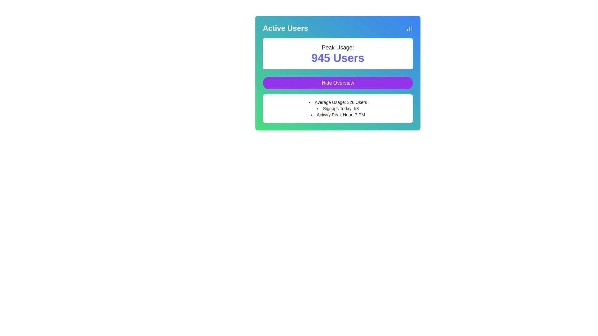 The width and height of the screenshot is (598, 336). What do you see at coordinates (409, 28) in the screenshot?
I see `the small bar chart icon located in the top-right corner of the 'Active Users' section` at bounding box center [409, 28].